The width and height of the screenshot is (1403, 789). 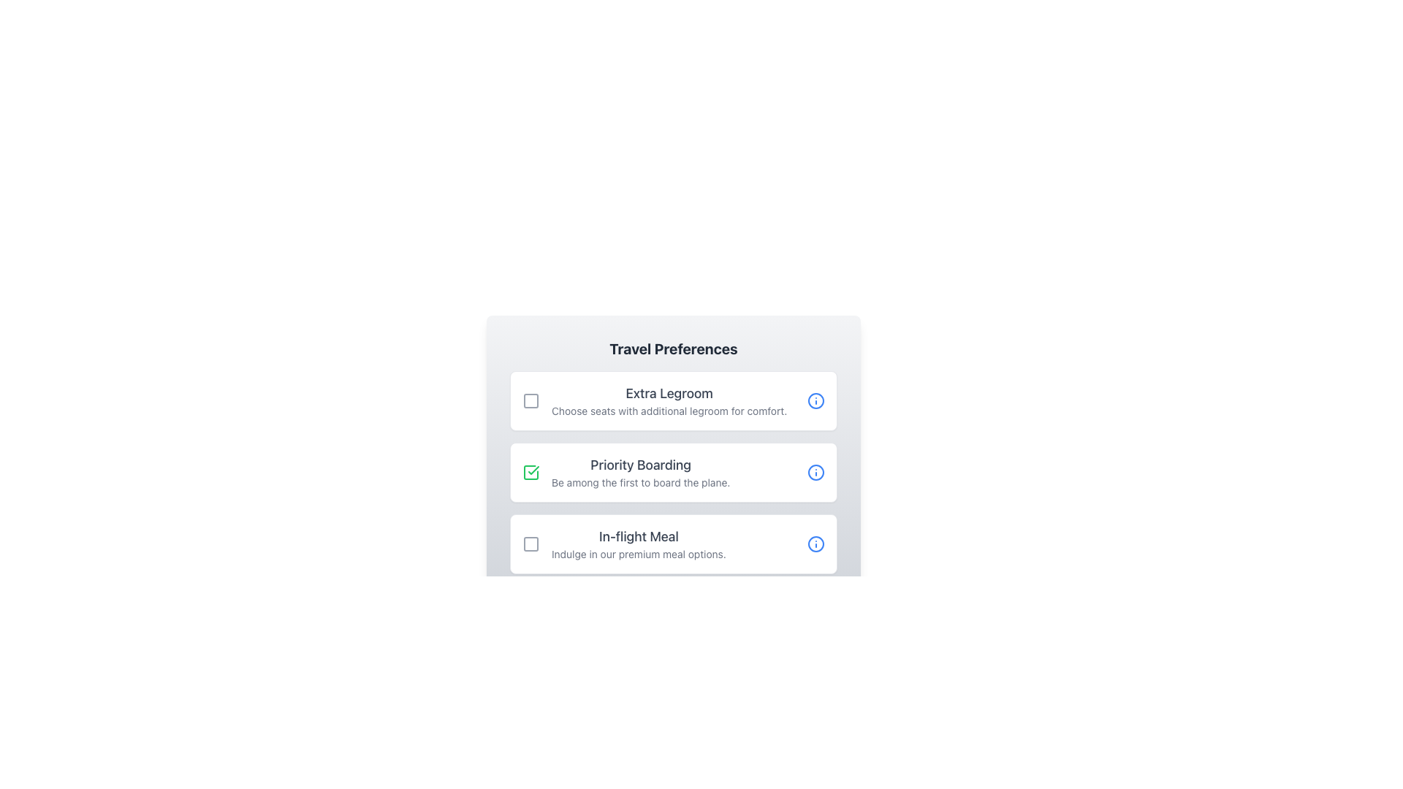 I want to click on the check mark icon representing the 'Priority Boarding' option in the travel preferences section, so click(x=533, y=470).